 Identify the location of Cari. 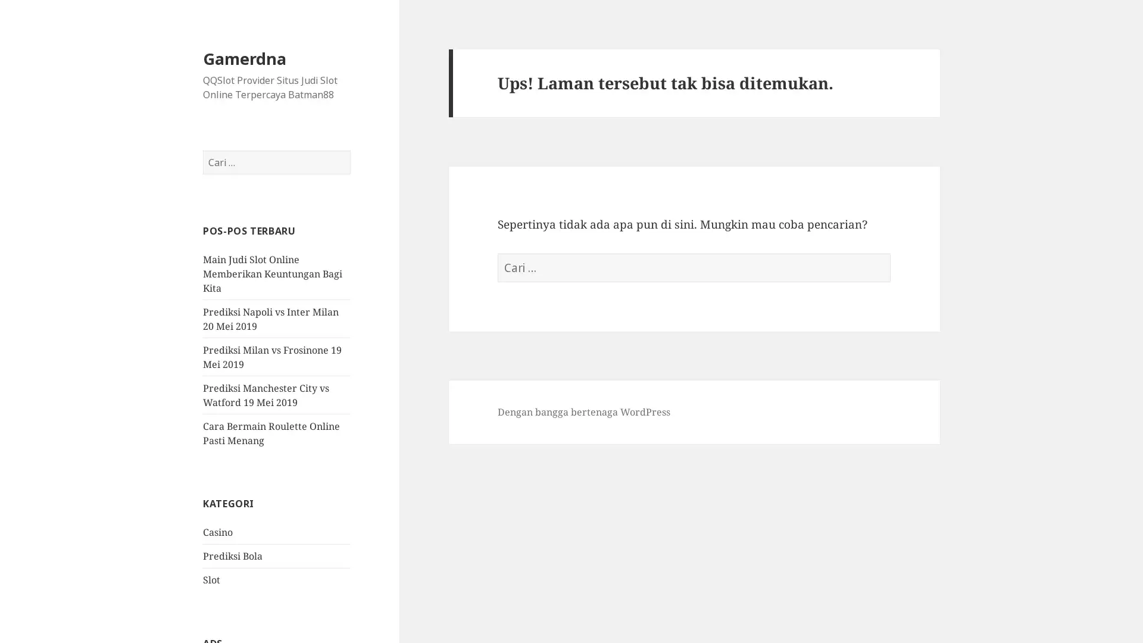
(349, 150).